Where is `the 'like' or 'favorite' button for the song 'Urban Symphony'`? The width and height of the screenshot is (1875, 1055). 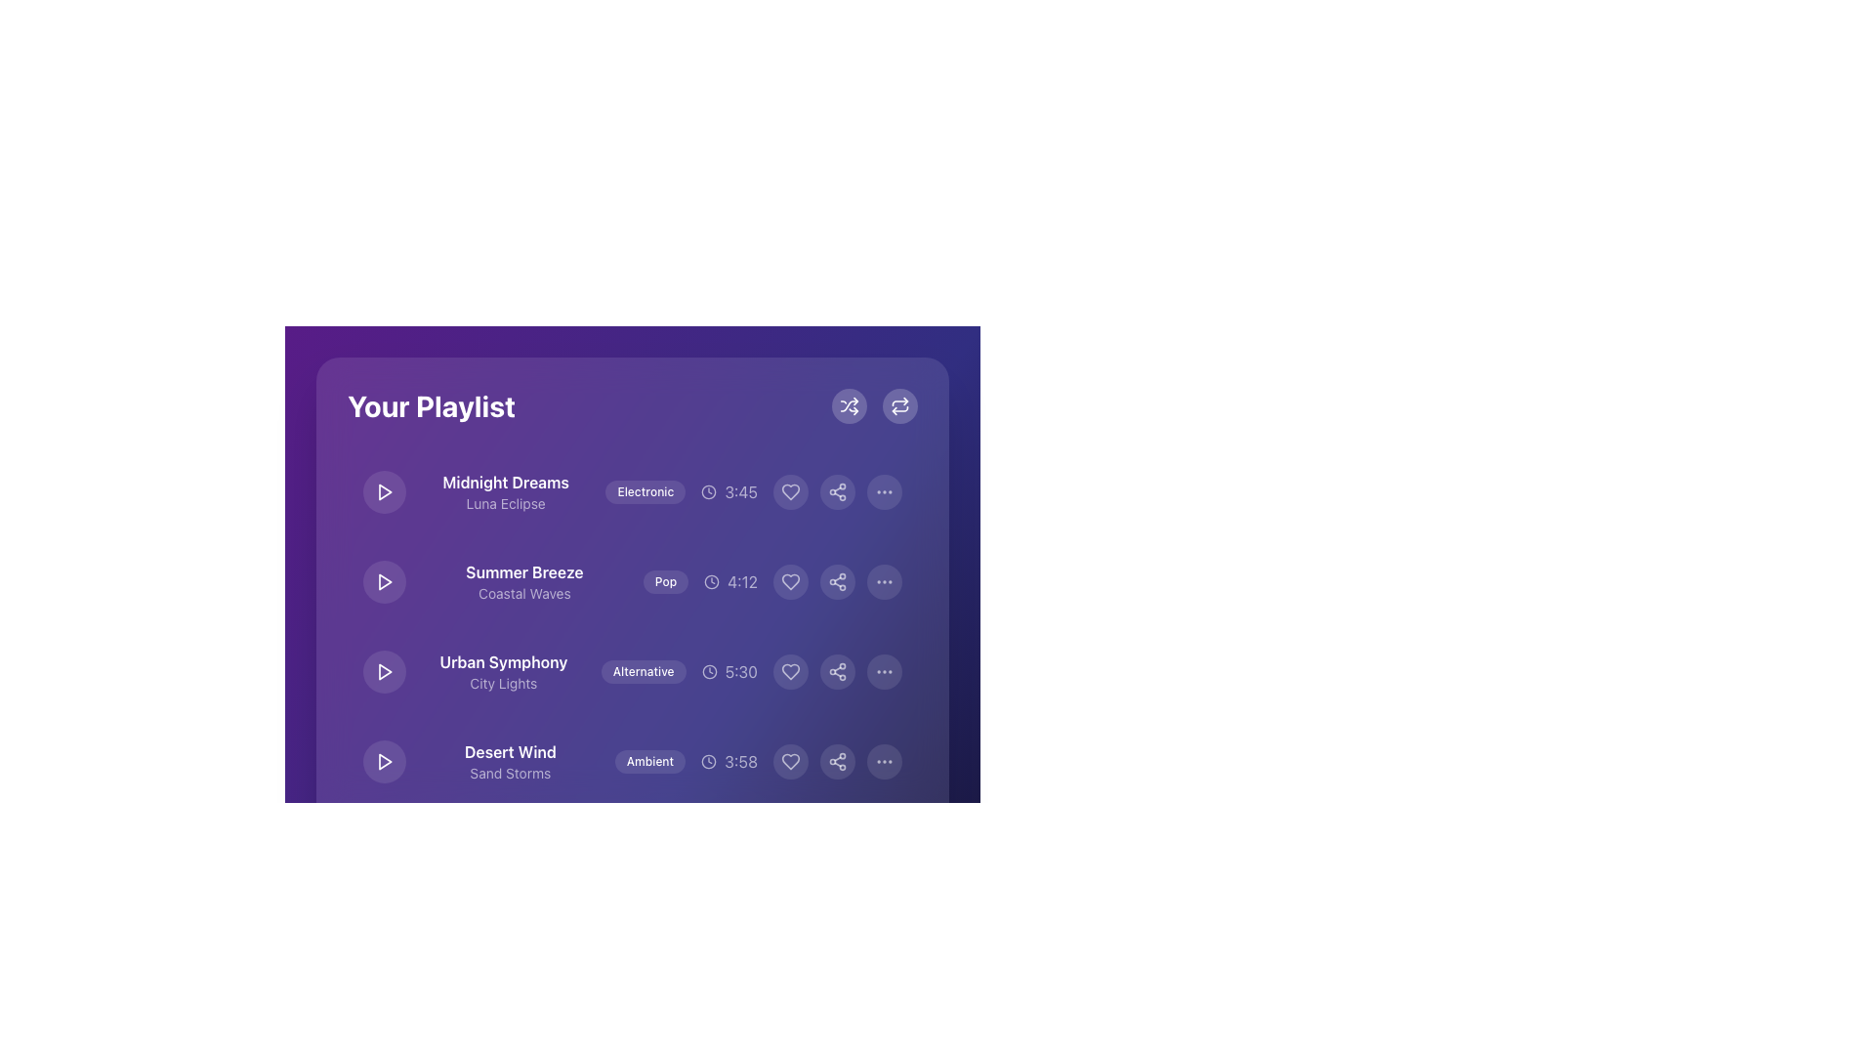
the 'like' or 'favorite' button for the song 'Urban Symphony' is located at coordinates (791, 670).